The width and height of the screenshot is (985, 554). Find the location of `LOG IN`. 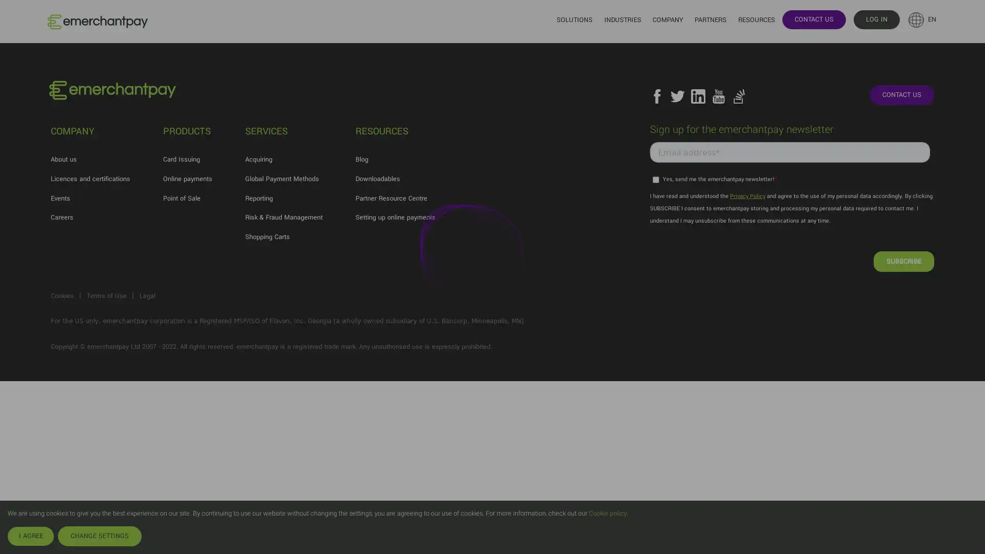

LOG IN is located at coordinates (876, 19).